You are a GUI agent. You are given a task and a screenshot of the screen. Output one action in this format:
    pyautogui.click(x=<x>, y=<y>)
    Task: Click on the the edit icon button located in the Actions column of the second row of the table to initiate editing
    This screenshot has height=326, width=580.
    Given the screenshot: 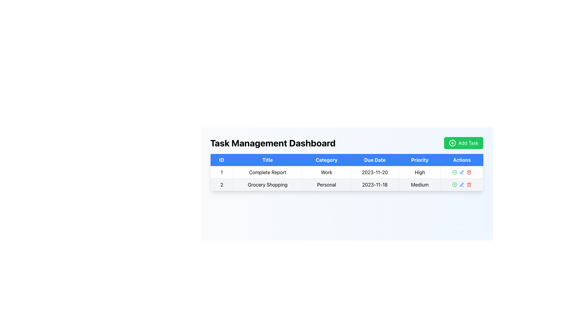 What is the action you would take?
    pyautogui.click(x=462, y=184)
    